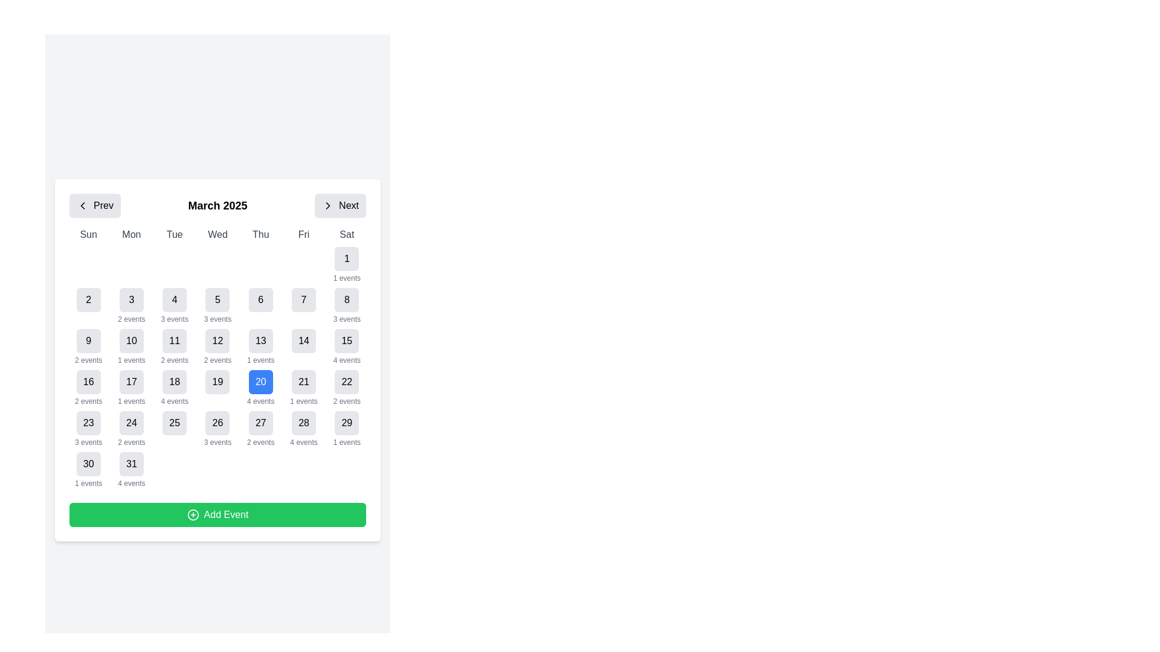 The height and width of the screenshot is (652, 1160). Describe the element at coordinates (131, 235) in the screenshot. I see `the Text label that represents 'Monday', the second day of the week in the calendar header, positioned under the month and year header 'March 2025'` at that location.